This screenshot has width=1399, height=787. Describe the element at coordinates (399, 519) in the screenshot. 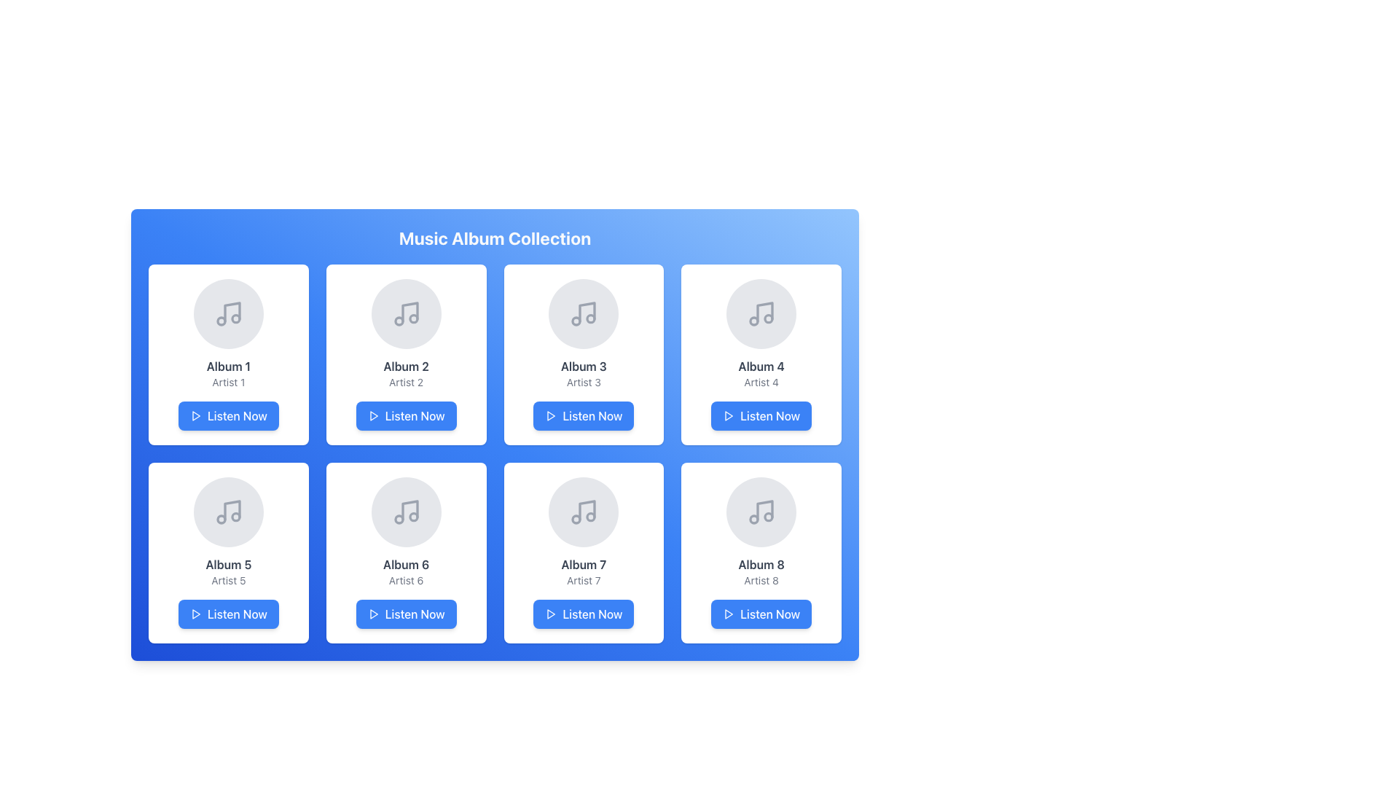

I see `the small gray circular shape located within the music note icon in the sixth grid cell of the bottom-left quadrant` at that location.